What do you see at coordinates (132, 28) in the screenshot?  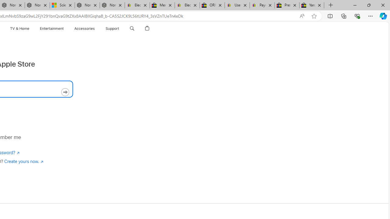 I see `'Class: globalnav-item globalnav-search'` at bounding box center [132, 28].